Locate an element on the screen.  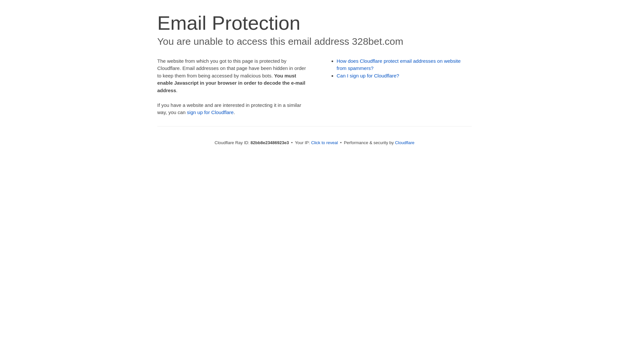
'Cloudflare' is located at coordinates (404, 142).